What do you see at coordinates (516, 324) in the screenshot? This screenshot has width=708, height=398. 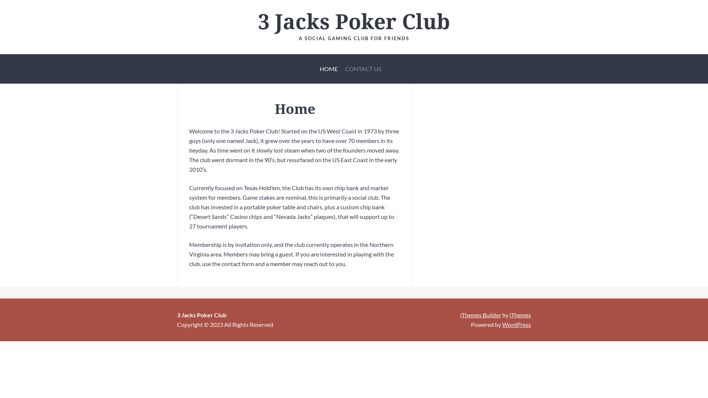 I see `'WordPress'` at bounding box center [516, 324].